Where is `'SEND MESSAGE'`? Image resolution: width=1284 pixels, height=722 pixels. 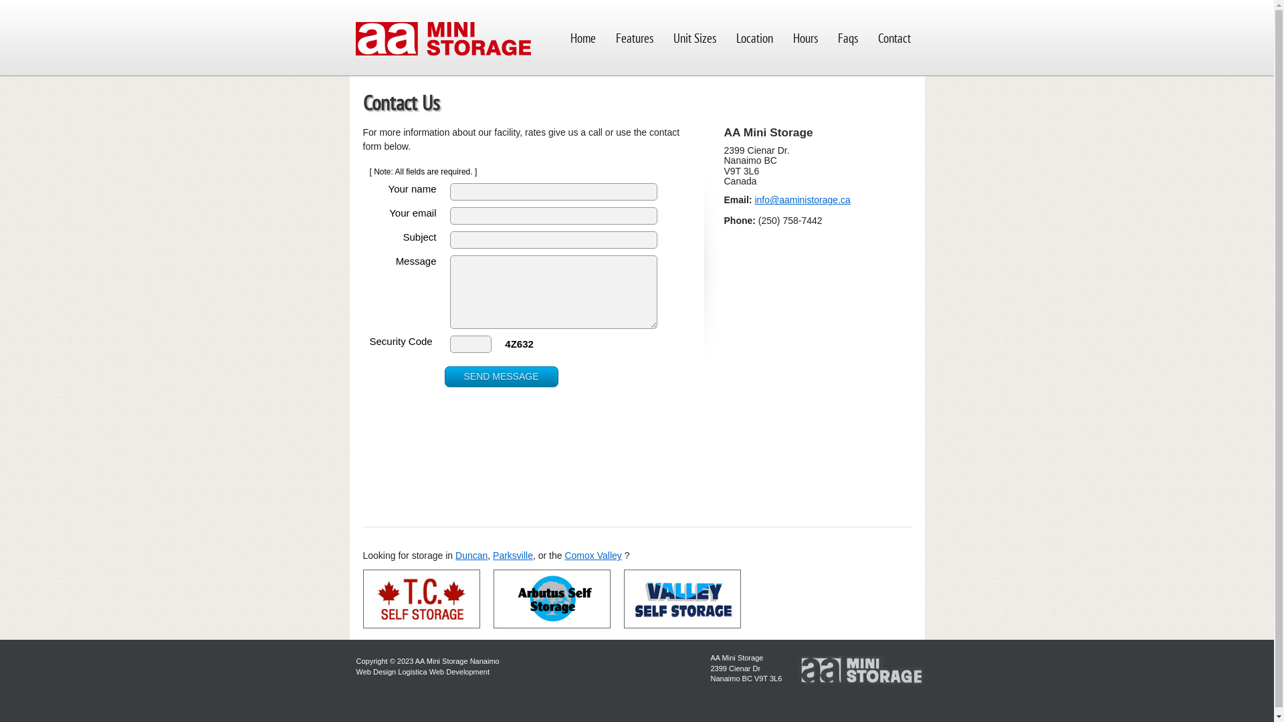 'SEND MESSAGE' is located at coordinates (500, 376).